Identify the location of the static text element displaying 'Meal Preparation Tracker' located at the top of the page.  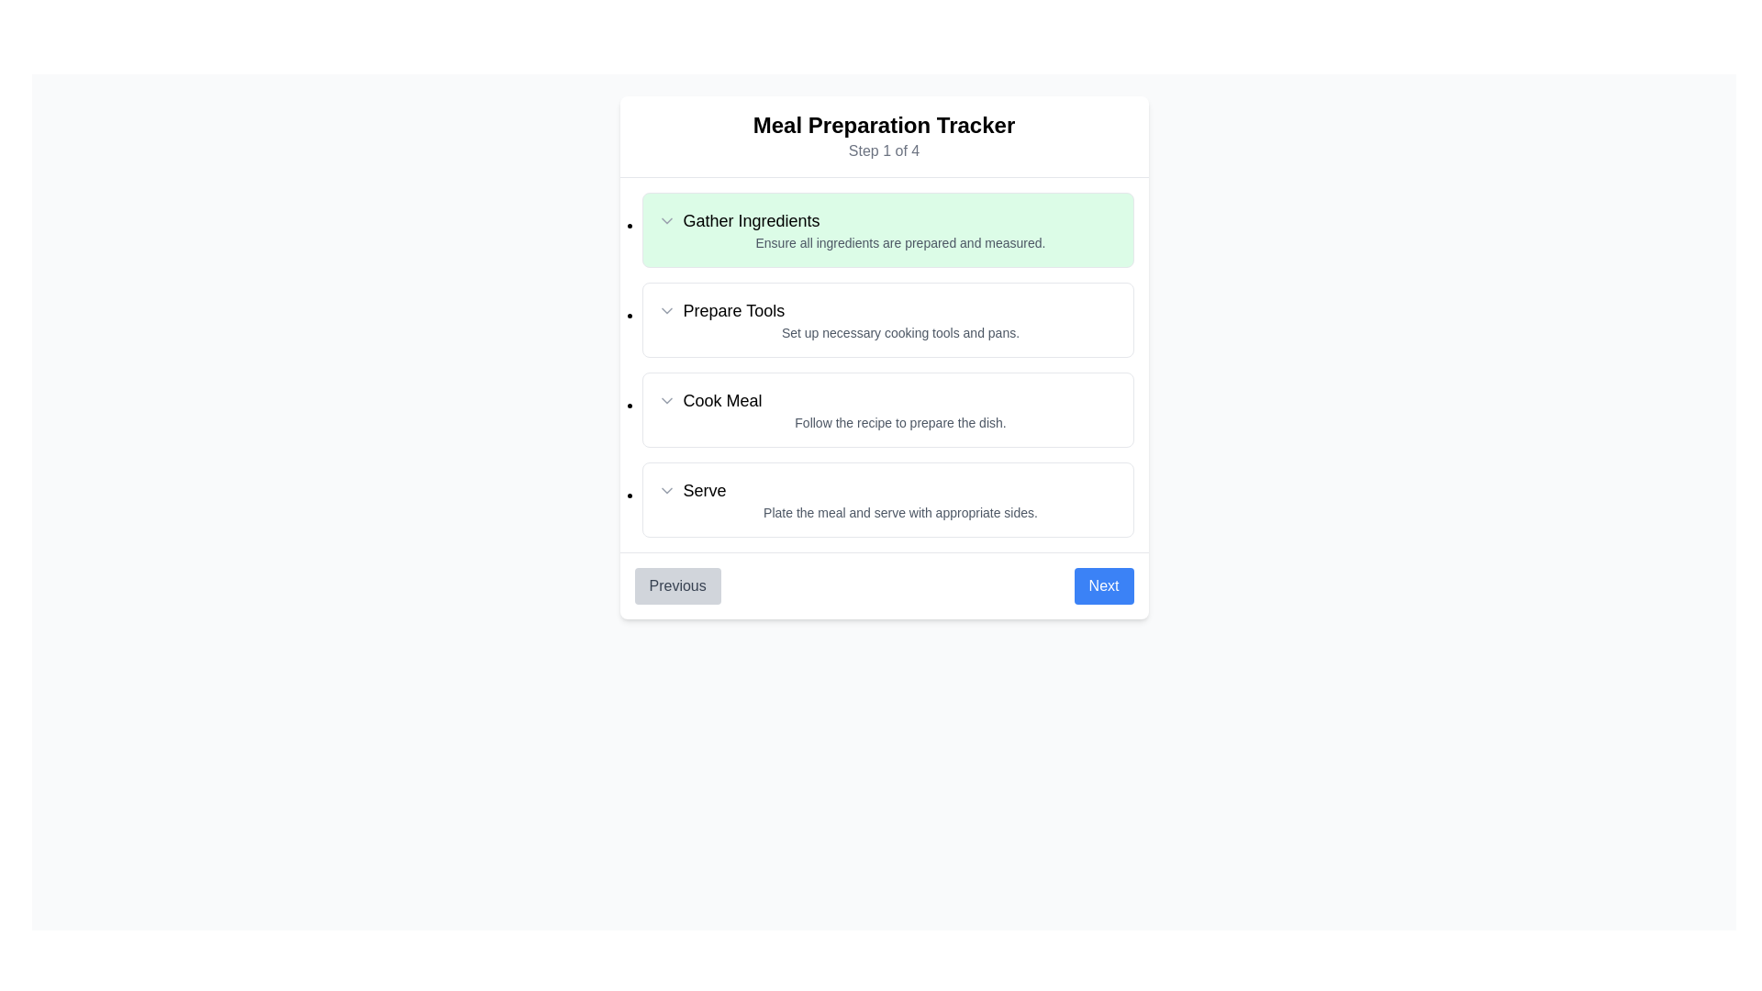
(884, 125).